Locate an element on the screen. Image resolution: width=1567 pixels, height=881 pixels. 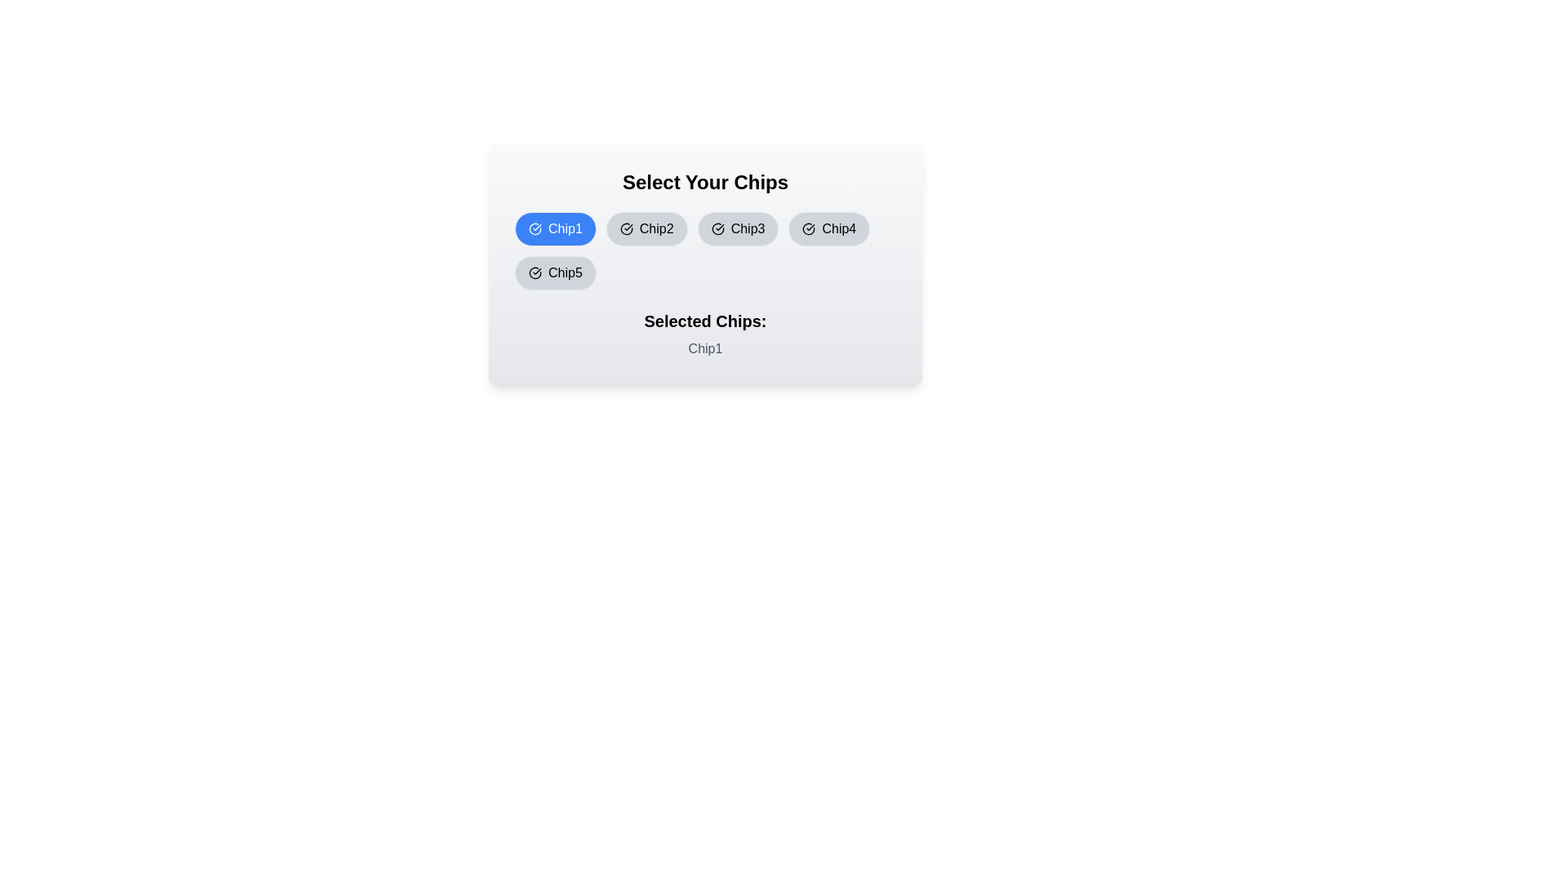
the chip labeled Chip3 by clicking on it is located at coordinates (737, 229).